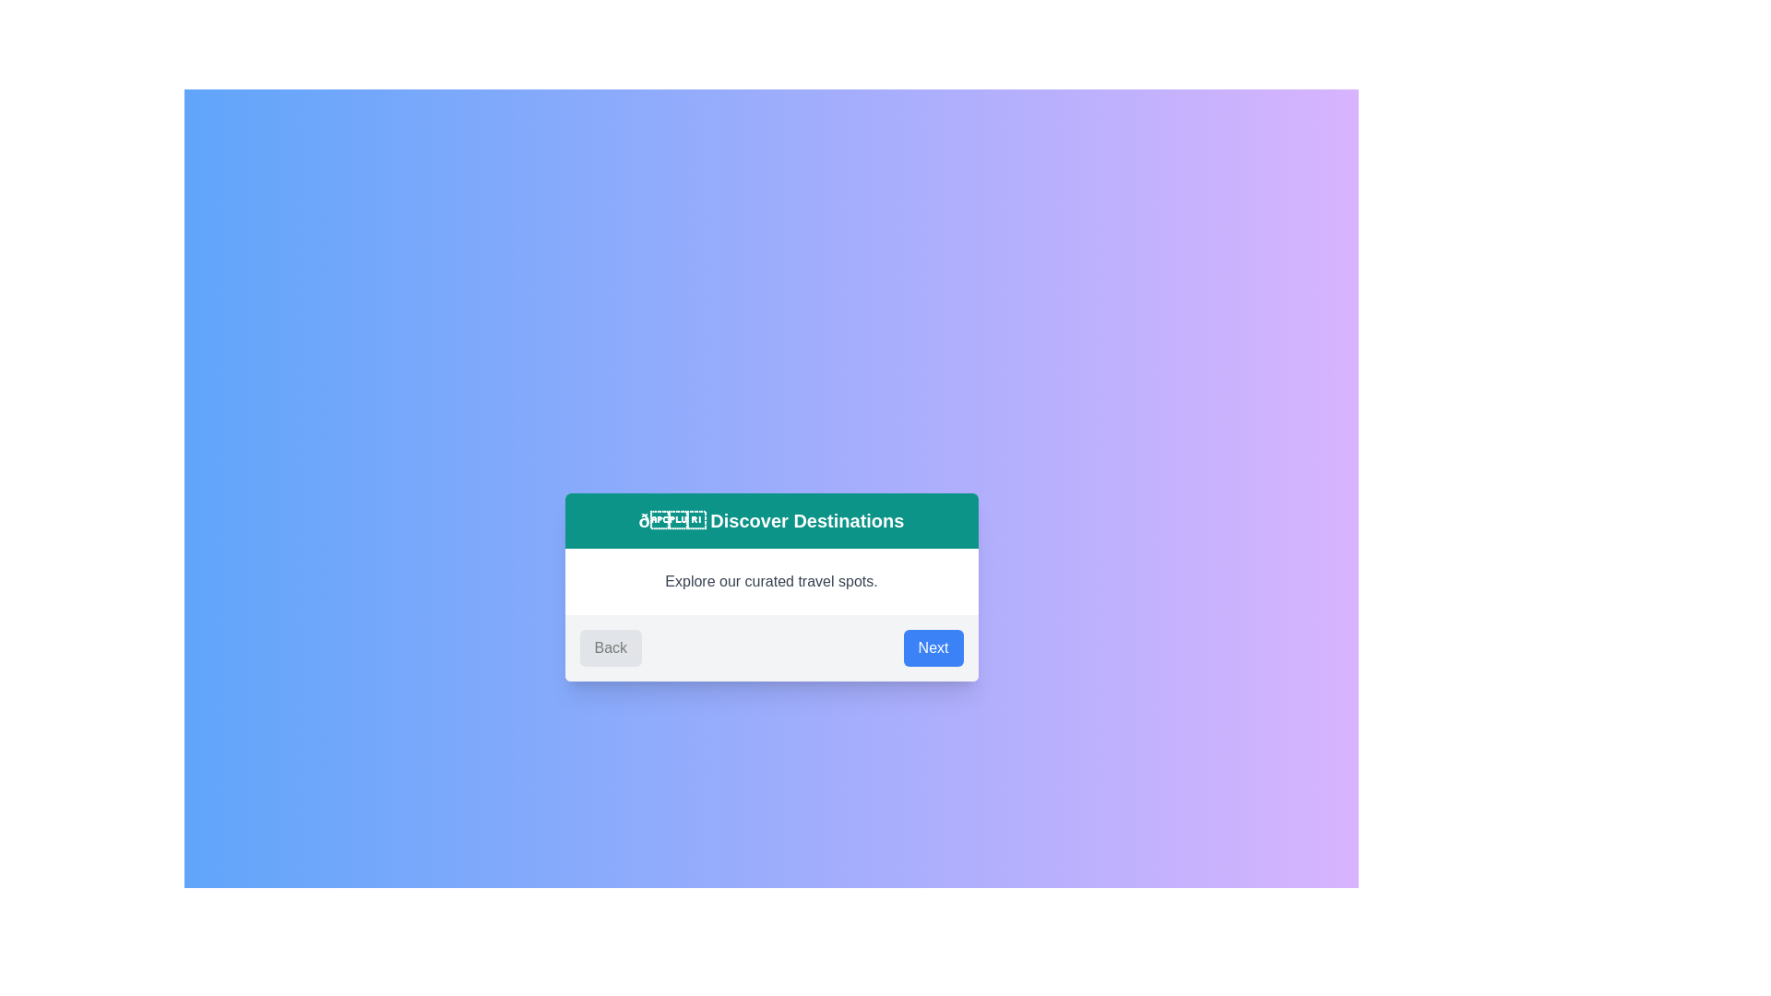 The image size is (1771, 996). I want to click on the header element that indicates the theme 'discovering destinations', located above the section with text 'Explore our curated travel spots', so click(771, 520).